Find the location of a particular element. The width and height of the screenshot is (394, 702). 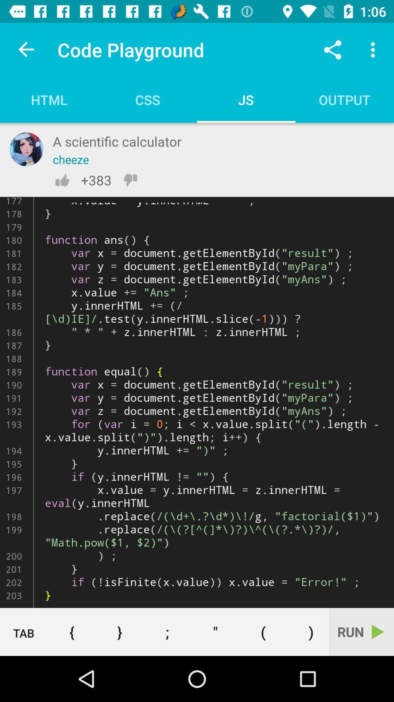

the avatar icon is located at coordinates (26, 149).